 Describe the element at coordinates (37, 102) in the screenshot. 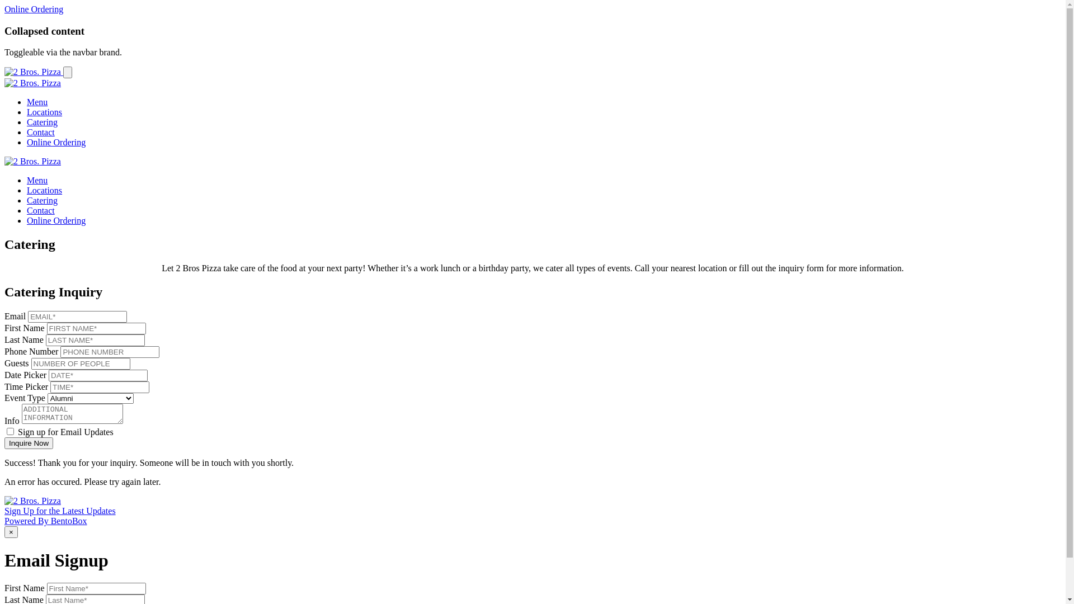

I see `'Menu'` at that location.